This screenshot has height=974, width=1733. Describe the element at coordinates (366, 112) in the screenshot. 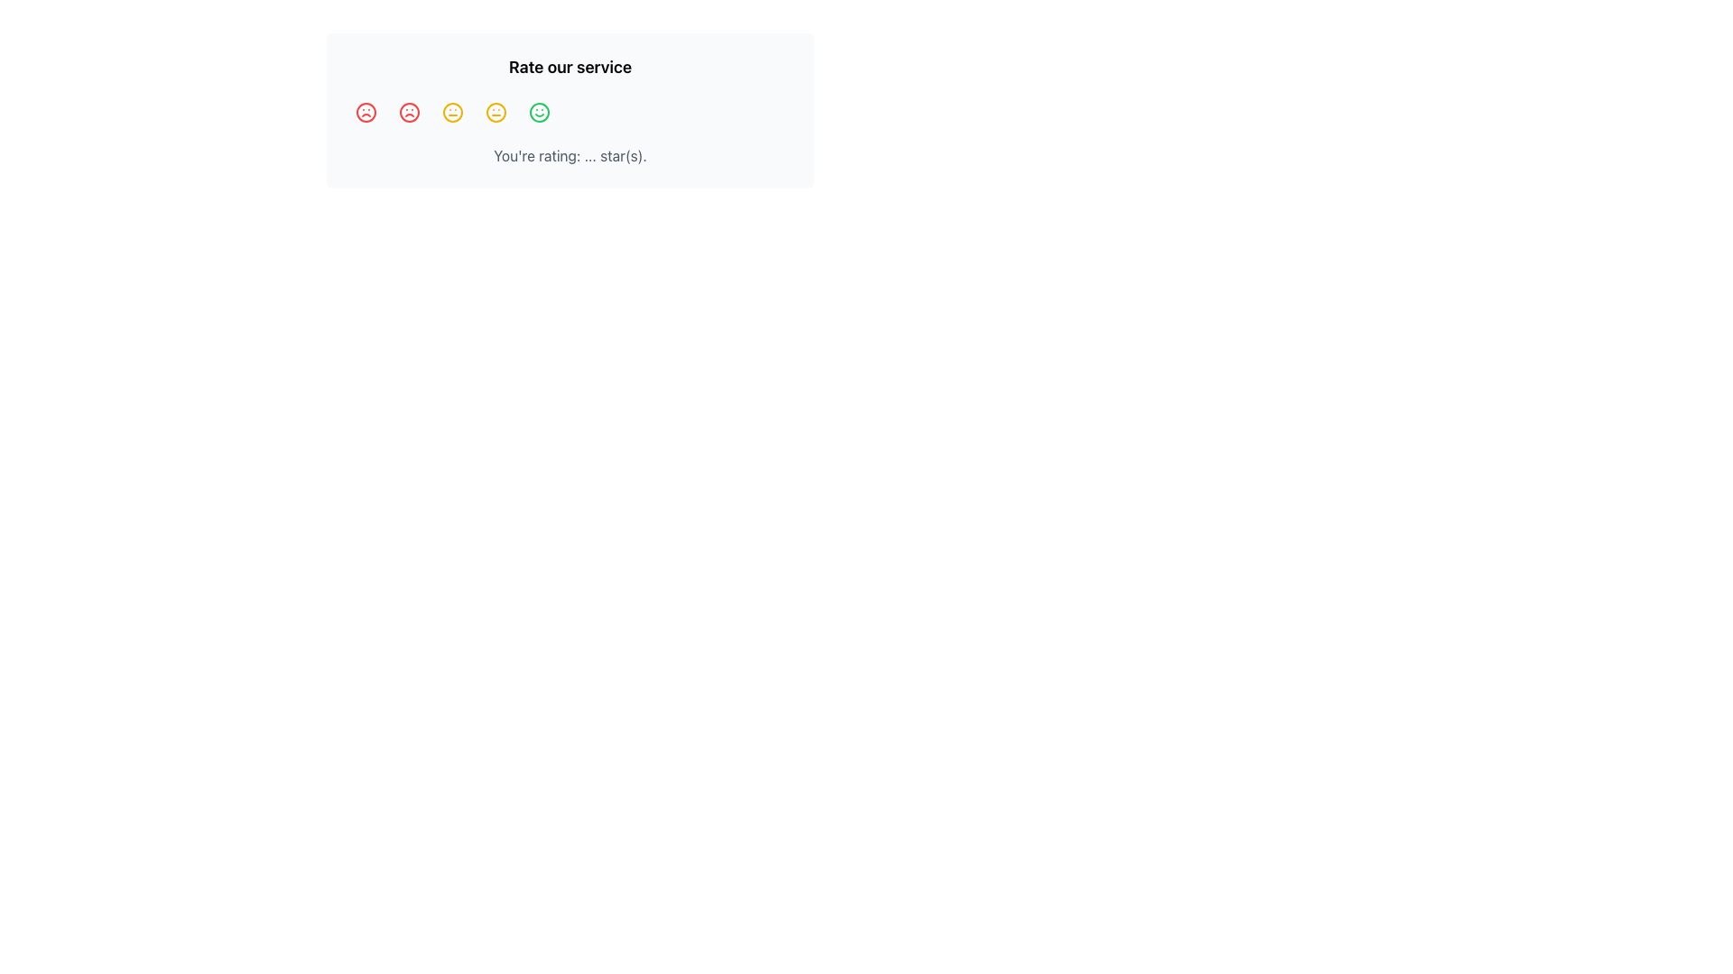

I see `the first icon in the horizontal row of rating options under the 'Rate our service' panel` at that location.